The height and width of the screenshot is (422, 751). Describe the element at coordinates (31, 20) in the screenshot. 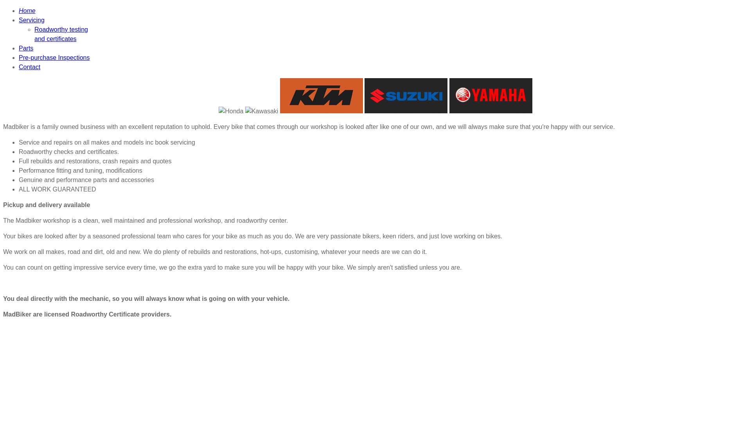

I see `'Servicing'` at that location.